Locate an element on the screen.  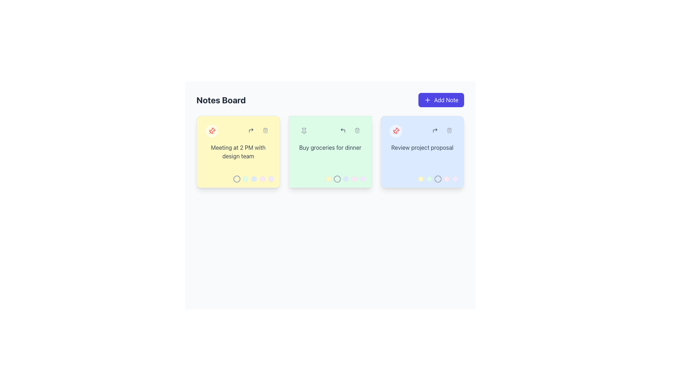
the yellow rectangular Information display card that contains the text 'Meeting at 2 PM with design team' is located at coordinates (238, 151).